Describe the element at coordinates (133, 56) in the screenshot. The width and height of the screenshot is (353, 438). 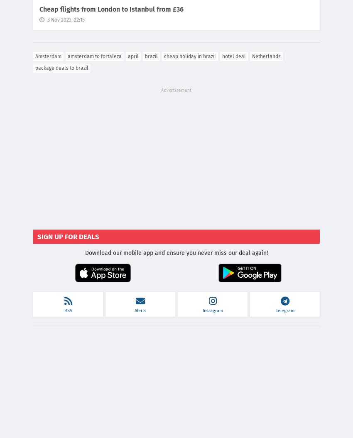
I see `'april'` at that location.